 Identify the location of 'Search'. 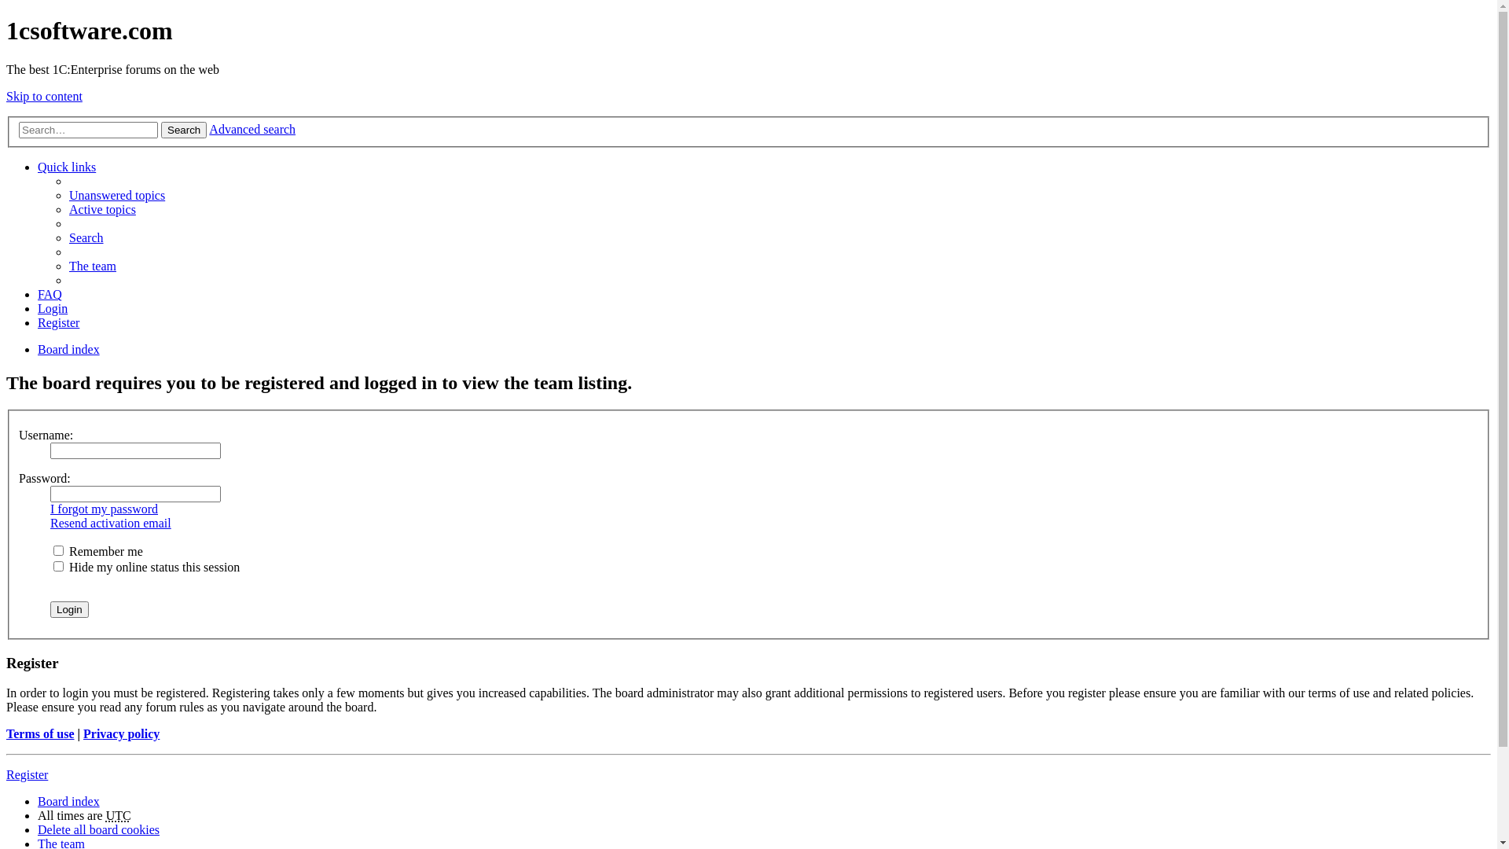
(86, 237).